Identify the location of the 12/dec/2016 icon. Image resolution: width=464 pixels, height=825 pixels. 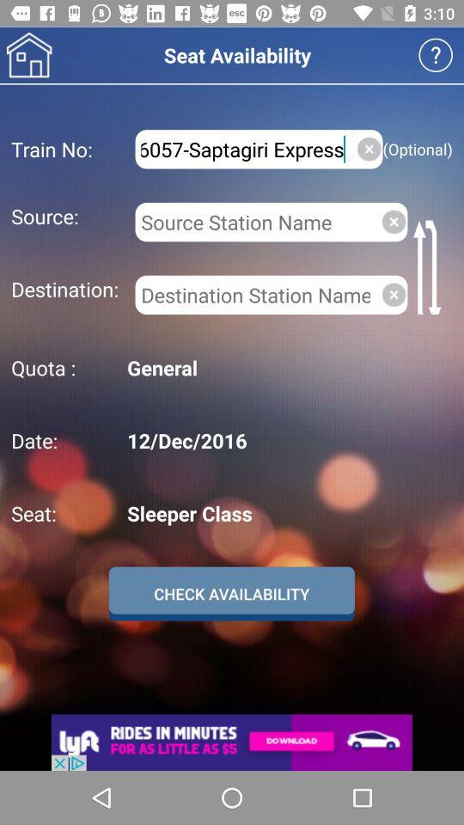
(287, 439).